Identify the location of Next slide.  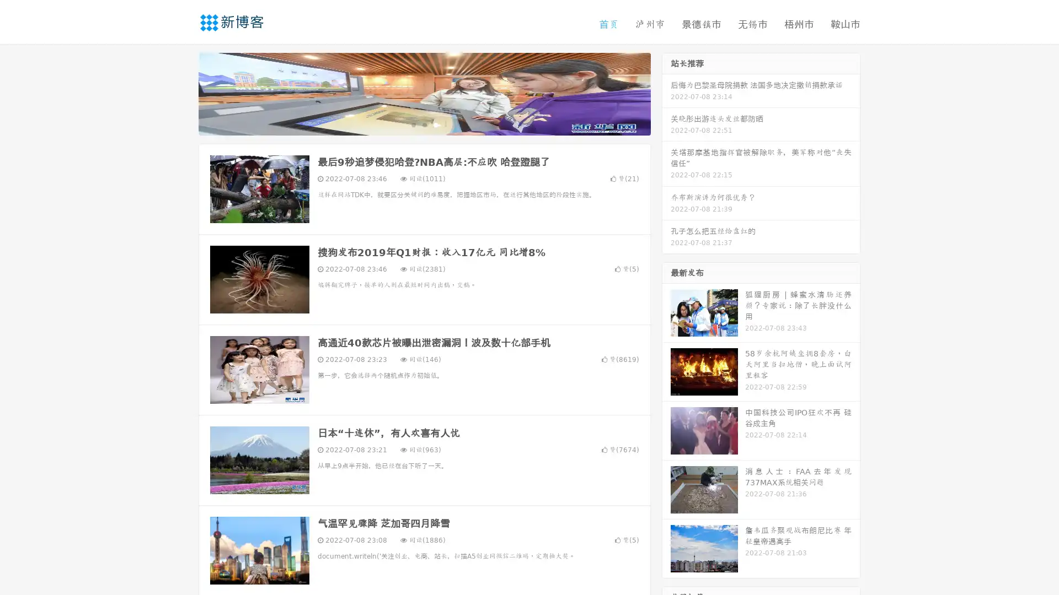
(666, 93).